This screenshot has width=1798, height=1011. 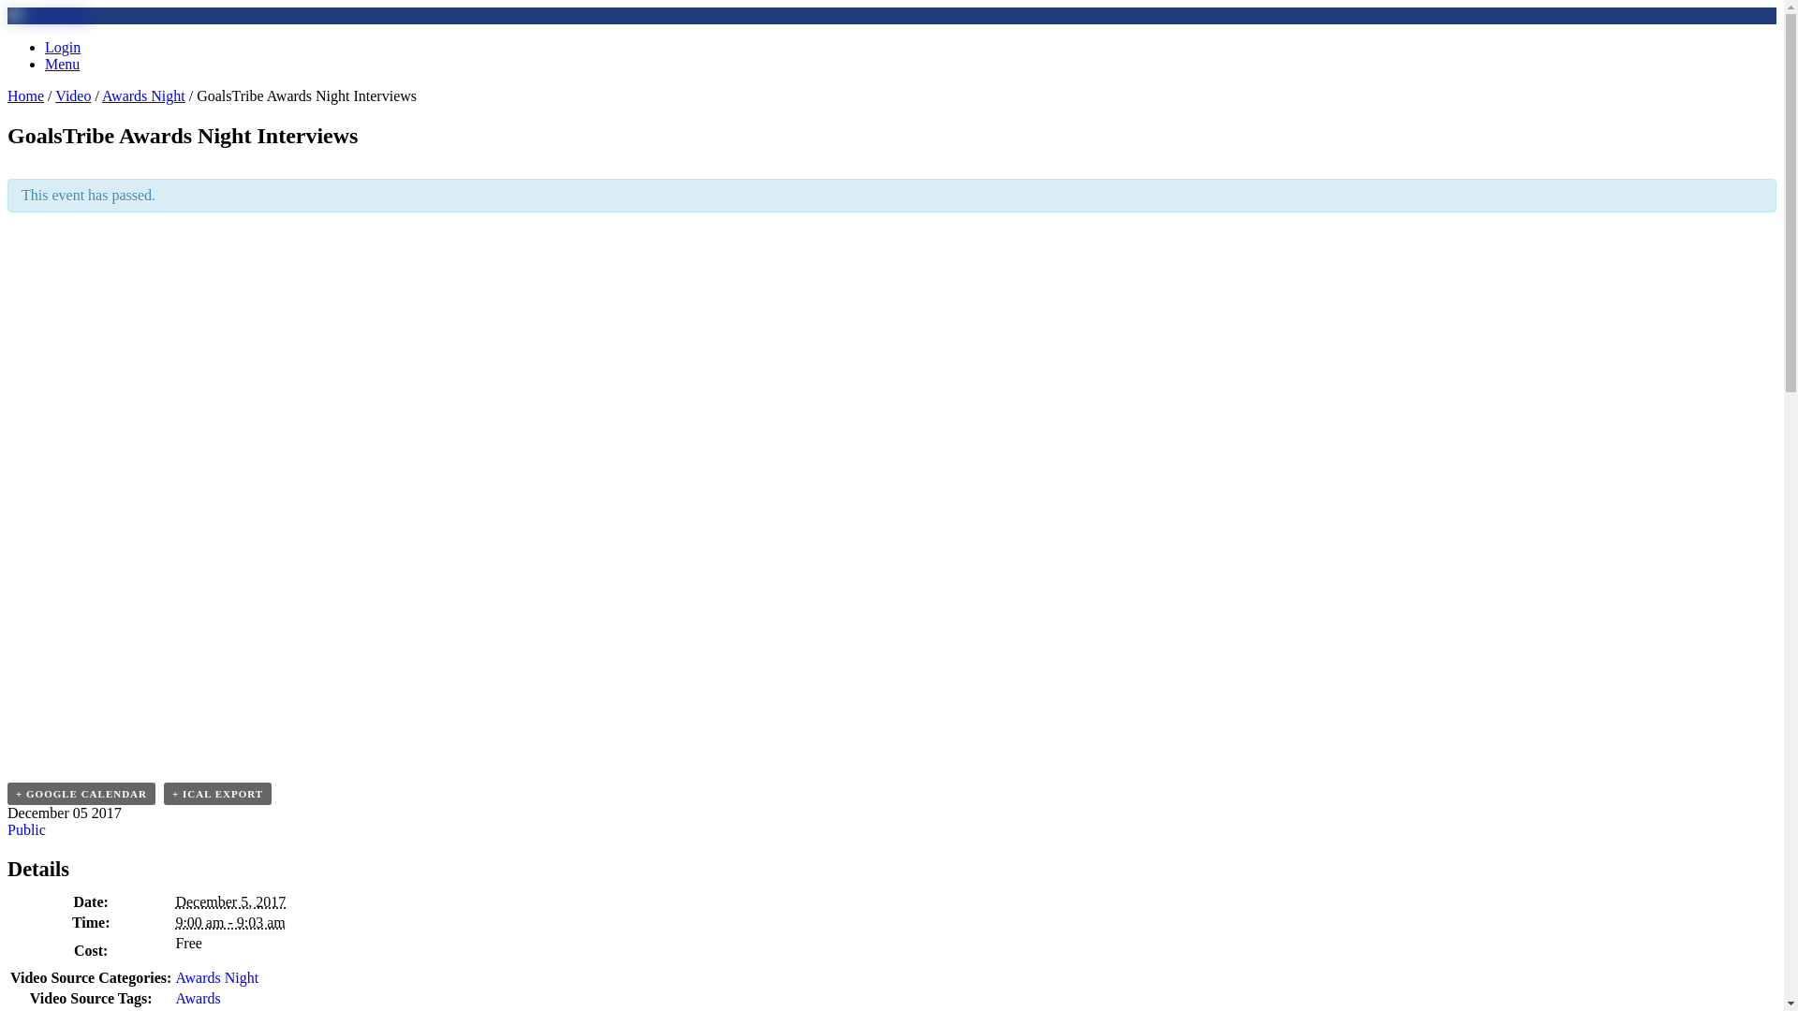 What do you see at coordinates (142, 95) in the screenshot?
I see `'Awards Night'` at bounding box center [142, 95].